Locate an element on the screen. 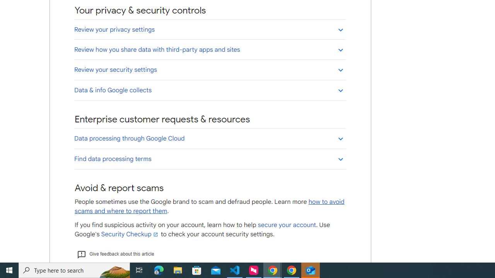 The width and height of the screenshot is (495, 278). 'Review your privacy settings' is located at coordinates (210, 29).